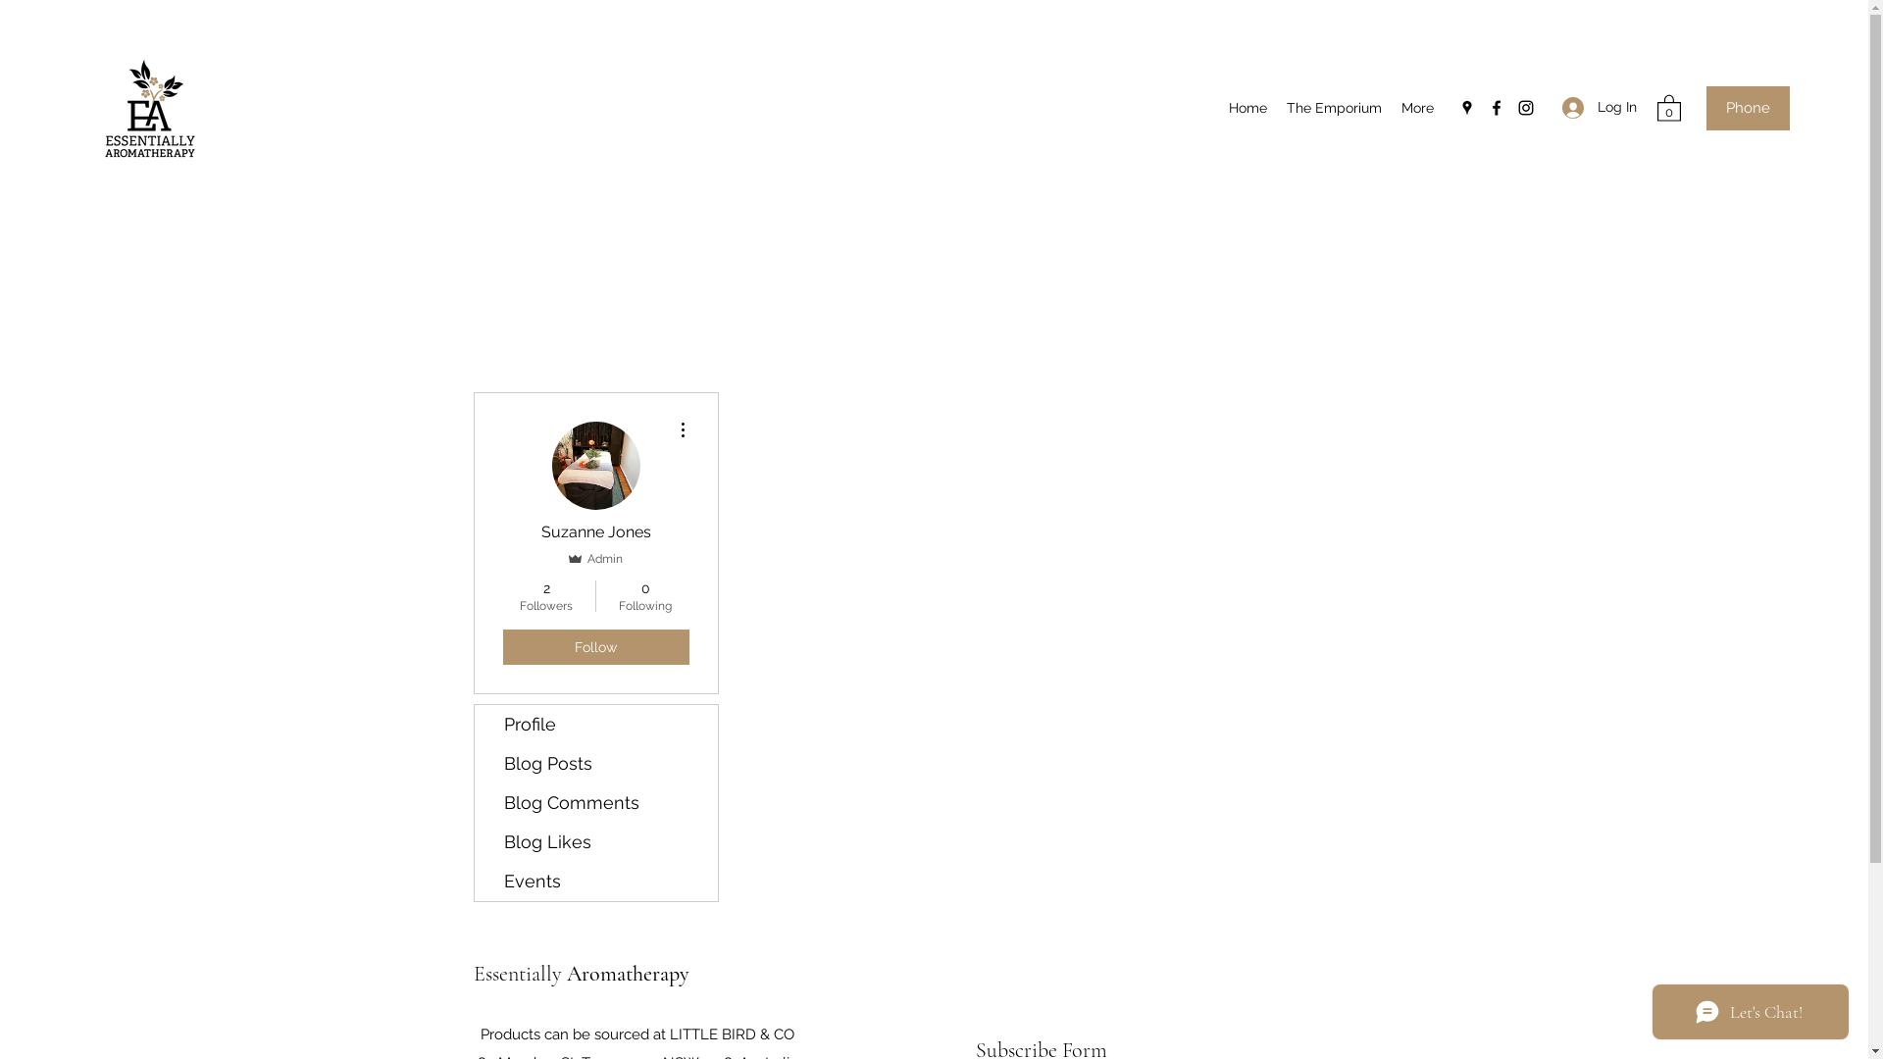 The height and width of the screenshot is (1059, 1883). I want to click on 'Blog Comments', so click(595, 802).